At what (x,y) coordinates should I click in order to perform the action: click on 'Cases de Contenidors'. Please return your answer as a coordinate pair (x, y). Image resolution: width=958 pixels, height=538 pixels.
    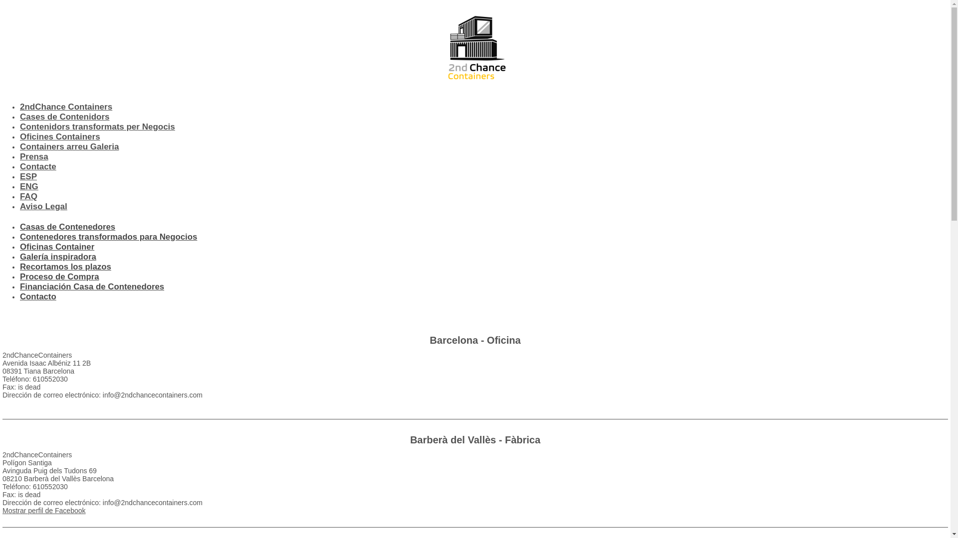
    Looking at the image, I should click on (64, 116).